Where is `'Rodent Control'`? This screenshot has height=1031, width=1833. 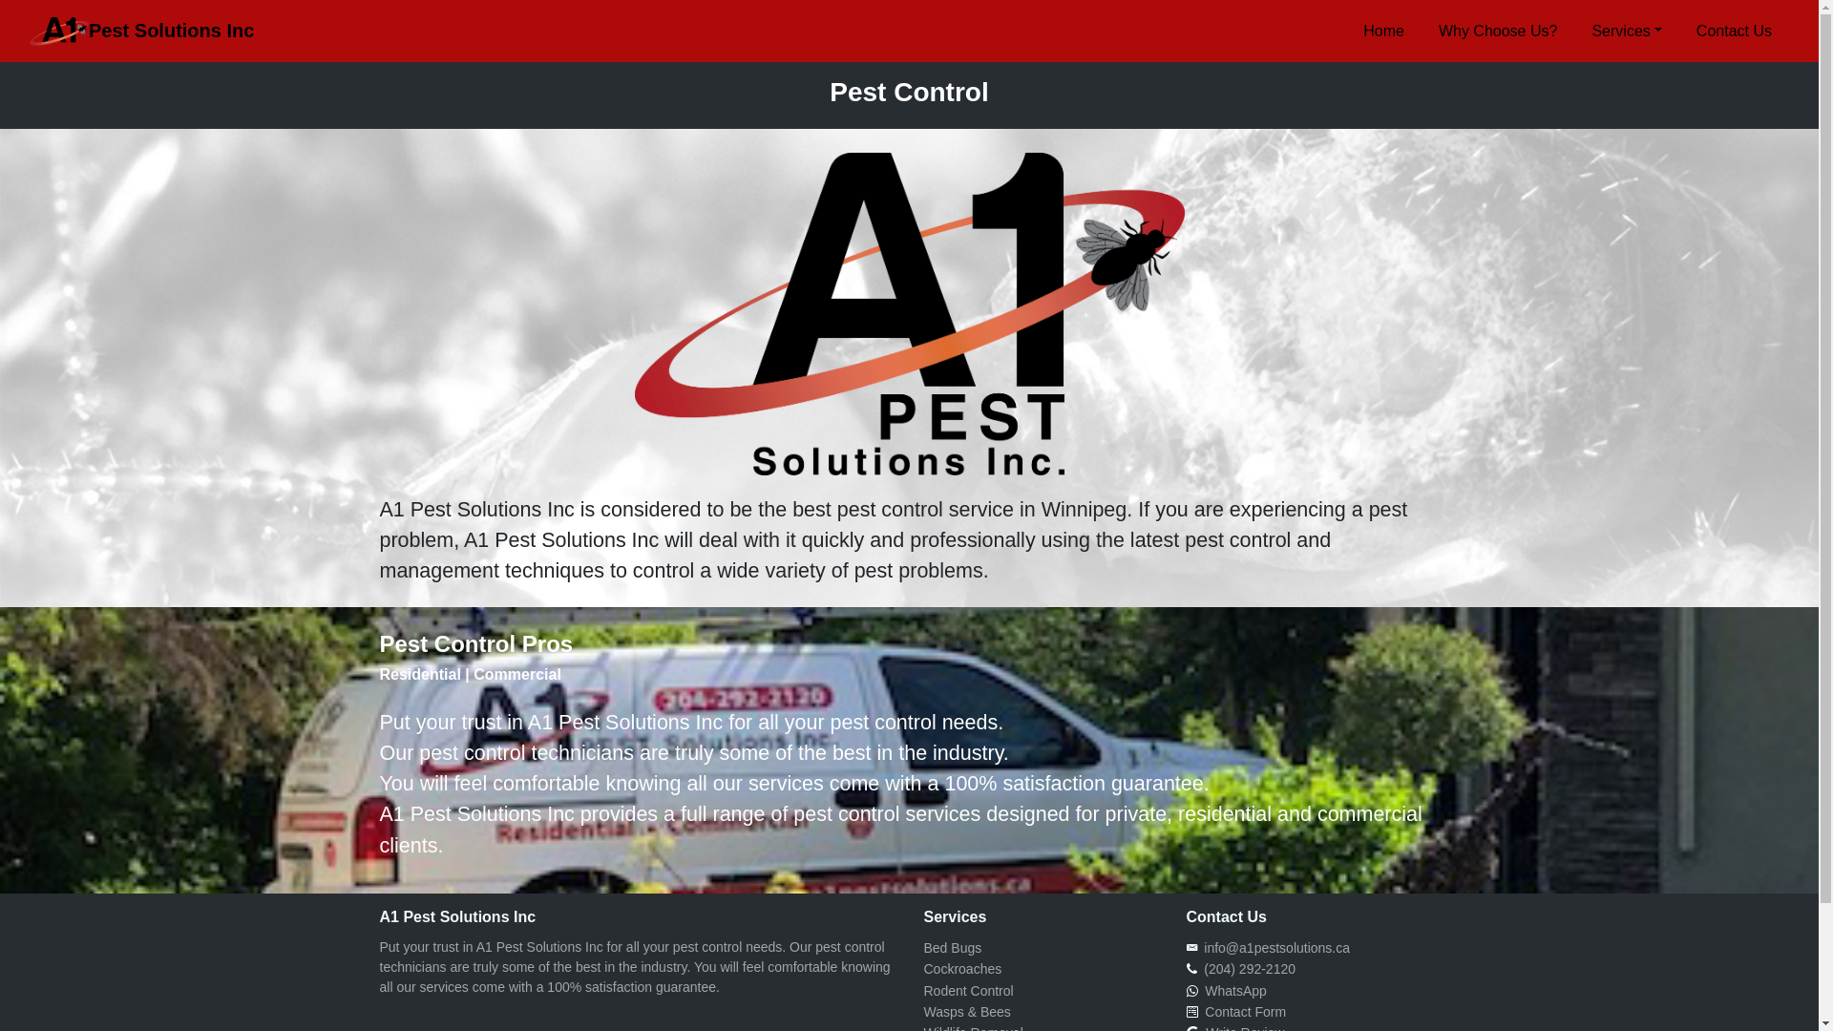 'Rodent Control' is located at coordinates (968, 989).